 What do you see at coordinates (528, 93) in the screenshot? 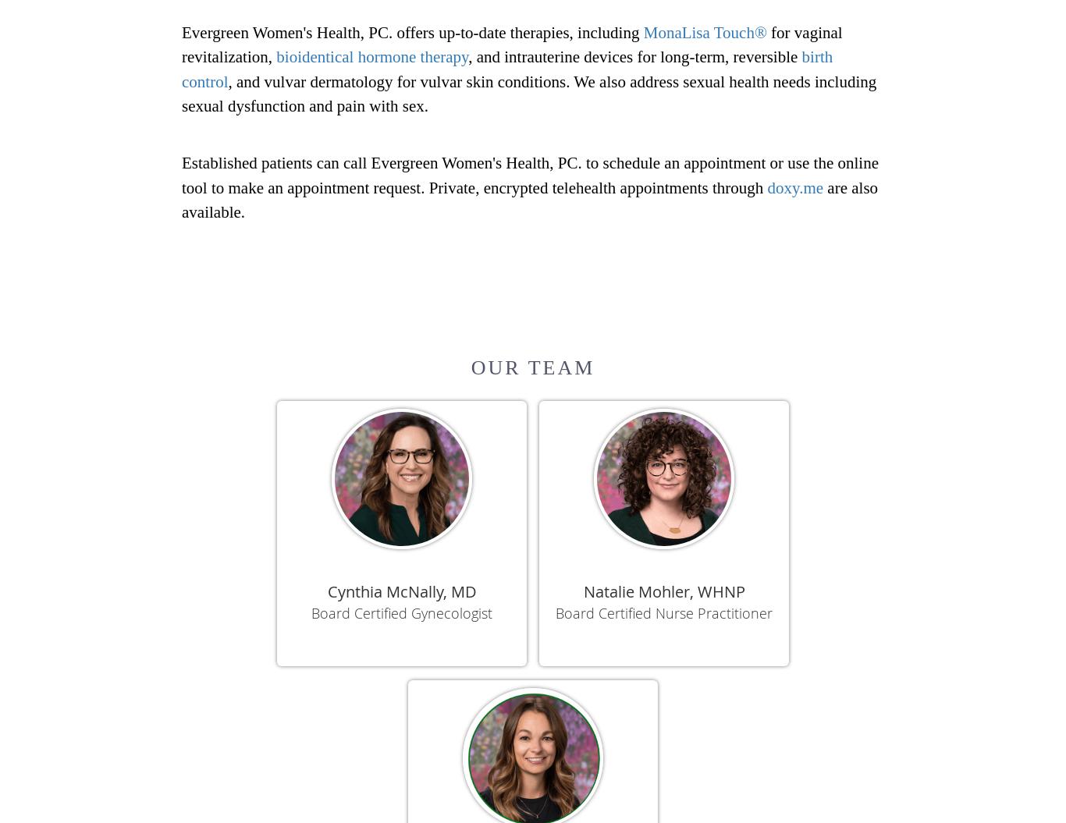
I see `', and vulvar dermatology for vulvar skin conditions. We also address sexual health needs including sexual dysfunction and pain with sex.'` at bounding box center [528, 93].